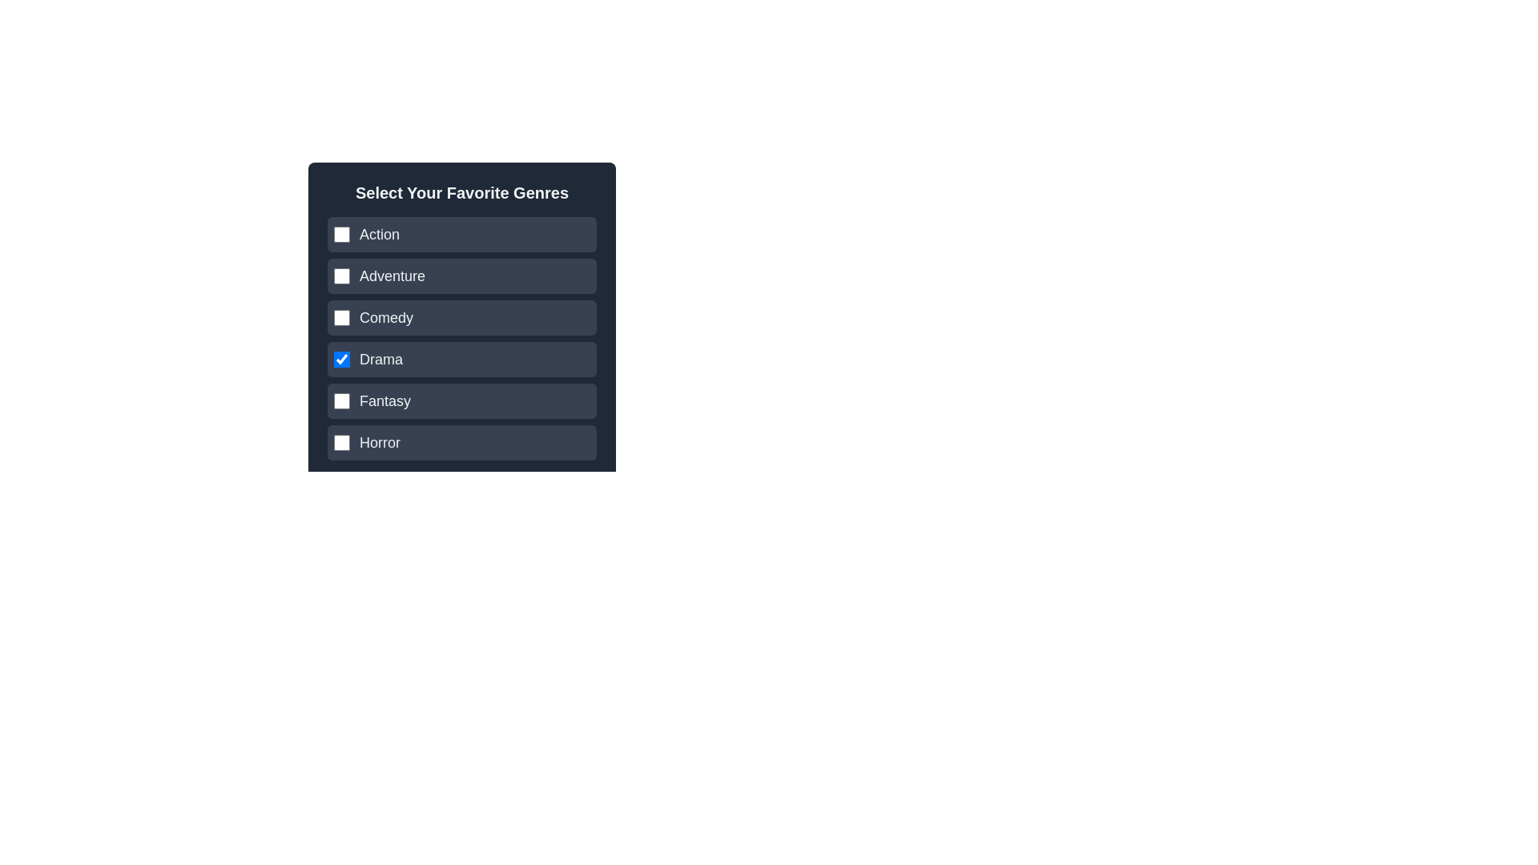 This screenshot has height=865, width=1538. I want to click on the checkbox, so click(341, 442).